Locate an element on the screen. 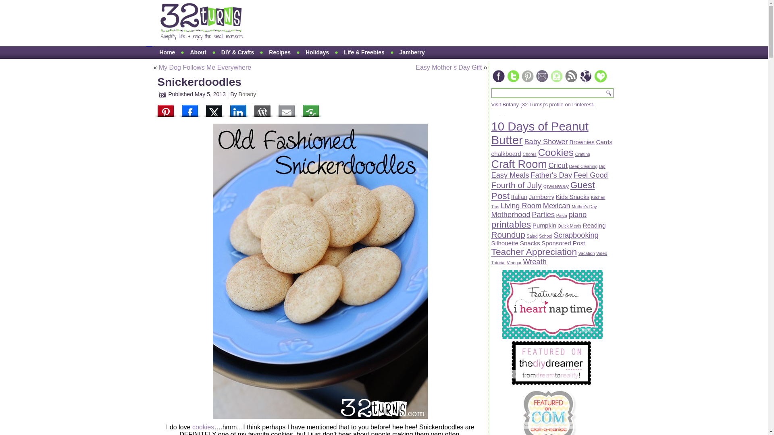 Image resolution: width=774 pixels, height=435 pixels. 'Pasta' is located at coordinates (561, 215).